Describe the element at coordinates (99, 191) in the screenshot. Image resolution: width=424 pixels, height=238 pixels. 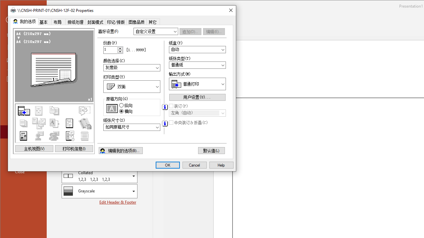
I see `'Color/Grayscale'` at that location.